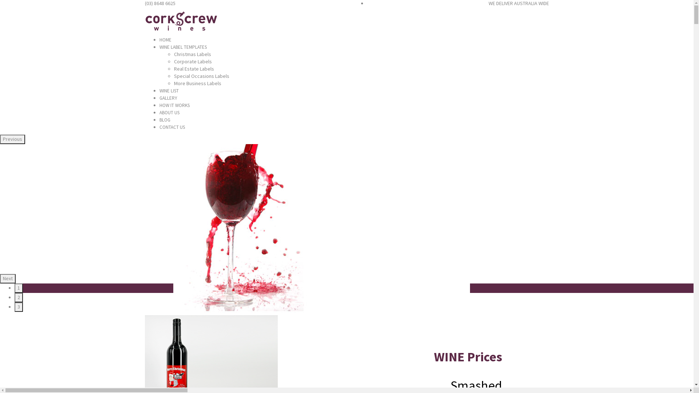  What do you see at coordinates (165, 40) in the screenshot?
I see `'HOME'` at bounding box center [165, 40].